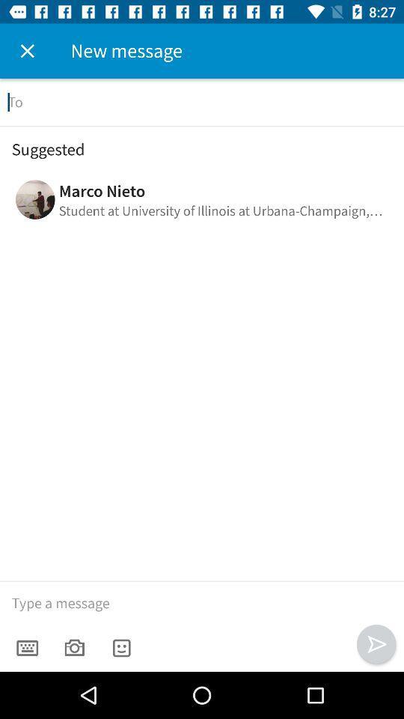 The width and height of the screenshot is (404, 719). Describe the element at coordinates (202, 603) in the screenshot. I see `type a message` at that location.